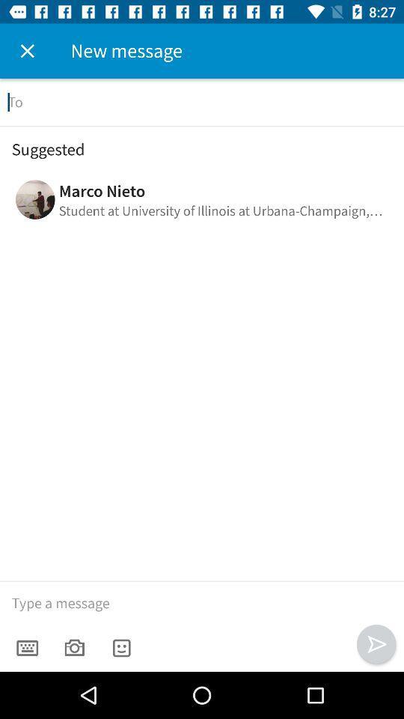 The width and height of the screenshot is (404, 719). Describe the element at coordinates (202, 603) in the screenshot. I see `type a message` at that location.